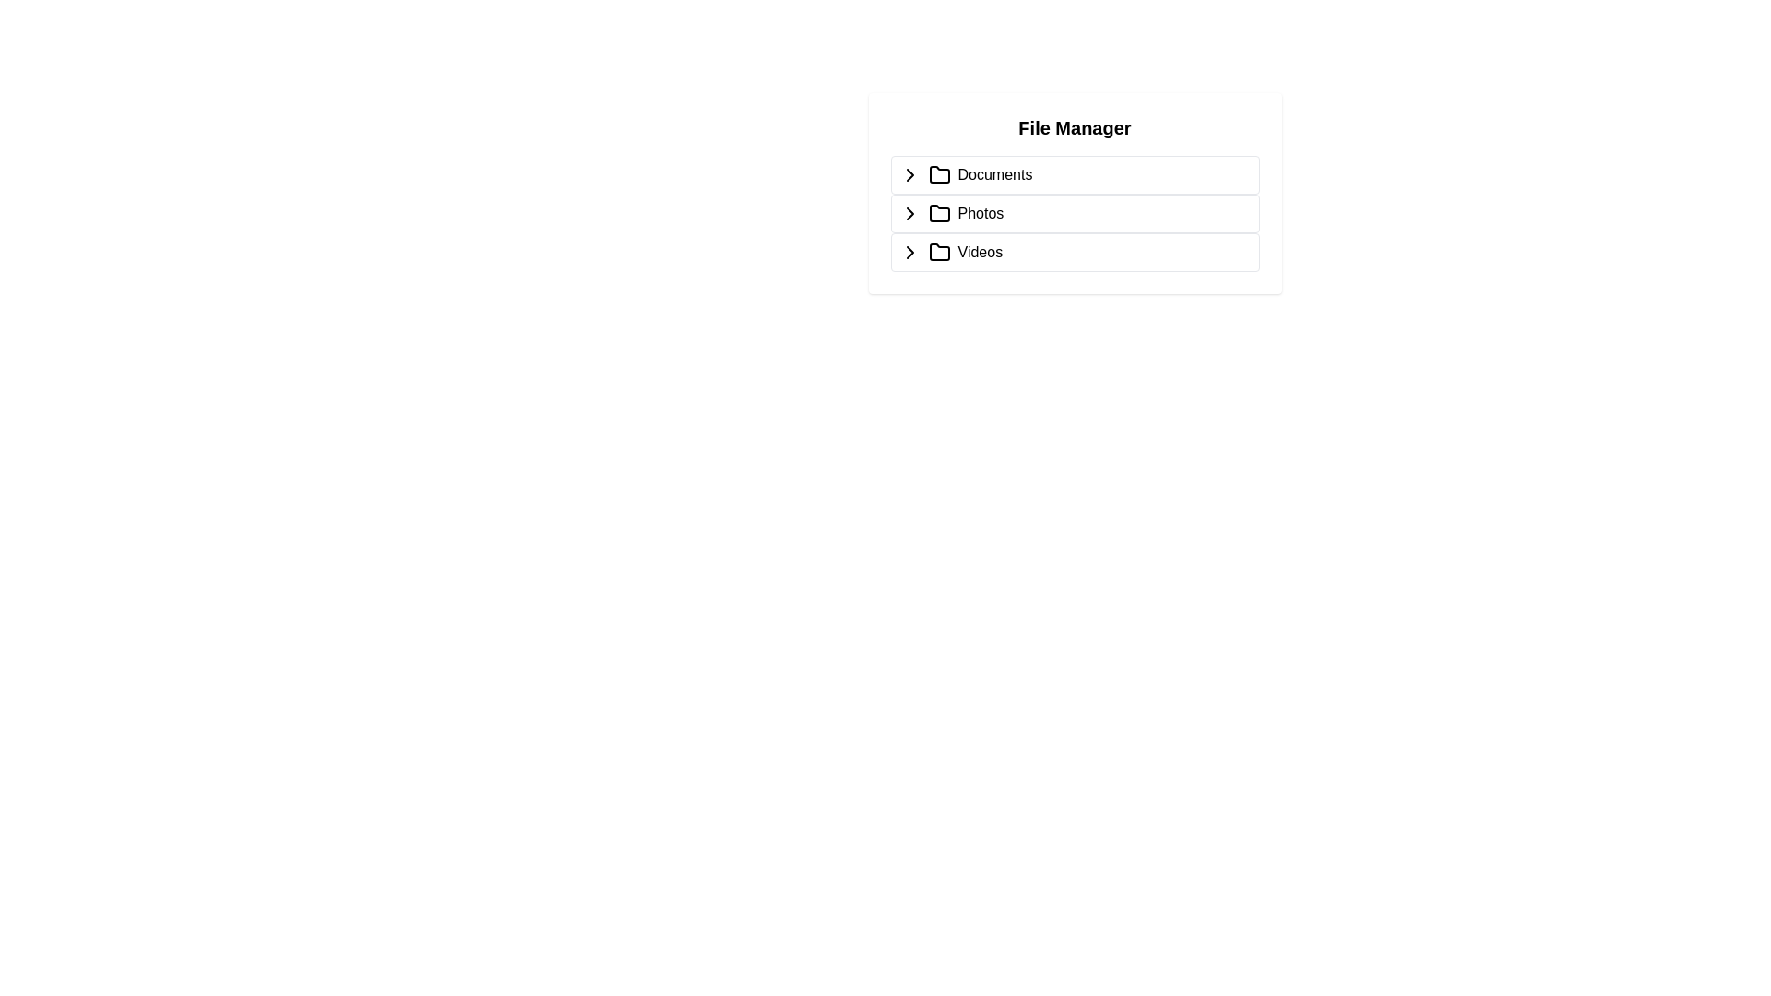 The width and height of the screenshot is (1771, 996). What do you see at coordinates (1075, 212) in the screenshot?
I see `to select the 'Photos' folder in the file manager, which is the second item in the list between 'Documents' and 'Videos'` at bounding box center [1075, 212].